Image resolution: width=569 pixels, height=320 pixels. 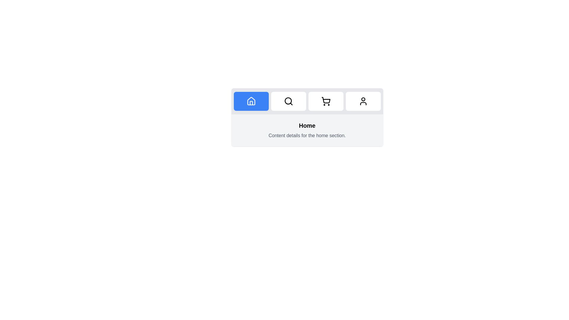 I want to click on the upper circular part of the user icon represented in the SVG graphic, which signifies the user account or profile section, so click(x=363, y=99).